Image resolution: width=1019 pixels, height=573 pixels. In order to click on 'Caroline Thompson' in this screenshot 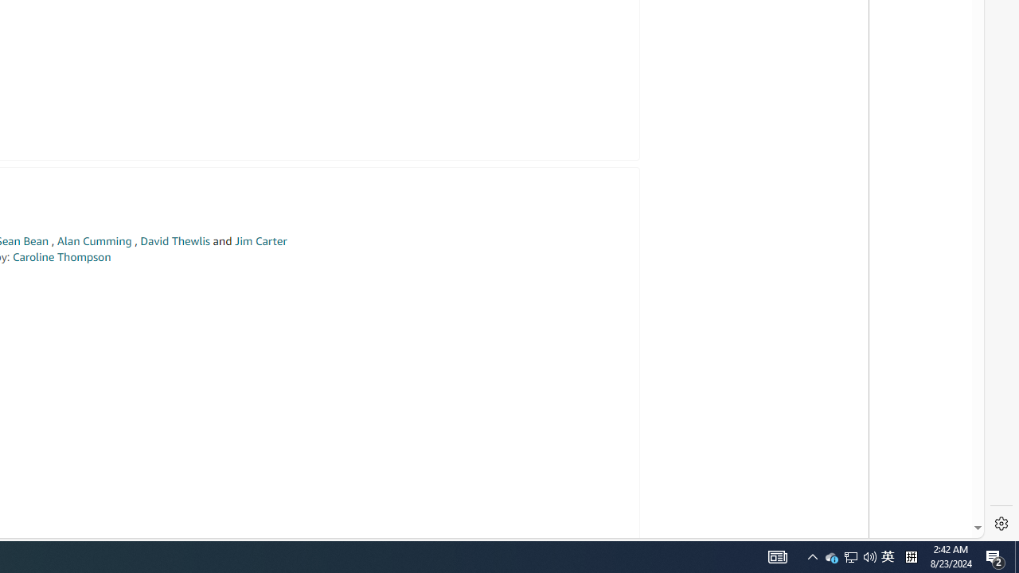, I will do `click(61, 256)`.